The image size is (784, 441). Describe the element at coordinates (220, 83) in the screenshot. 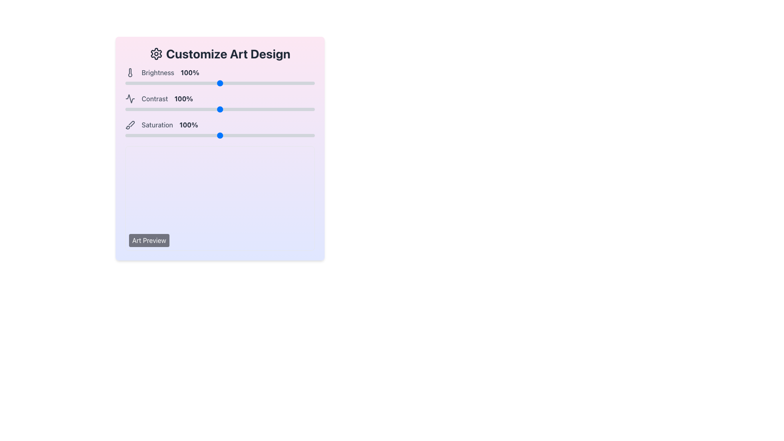

I see `the brightness slider component positioned below the 'Brightness 100%' label and thermometer icon` at that location.